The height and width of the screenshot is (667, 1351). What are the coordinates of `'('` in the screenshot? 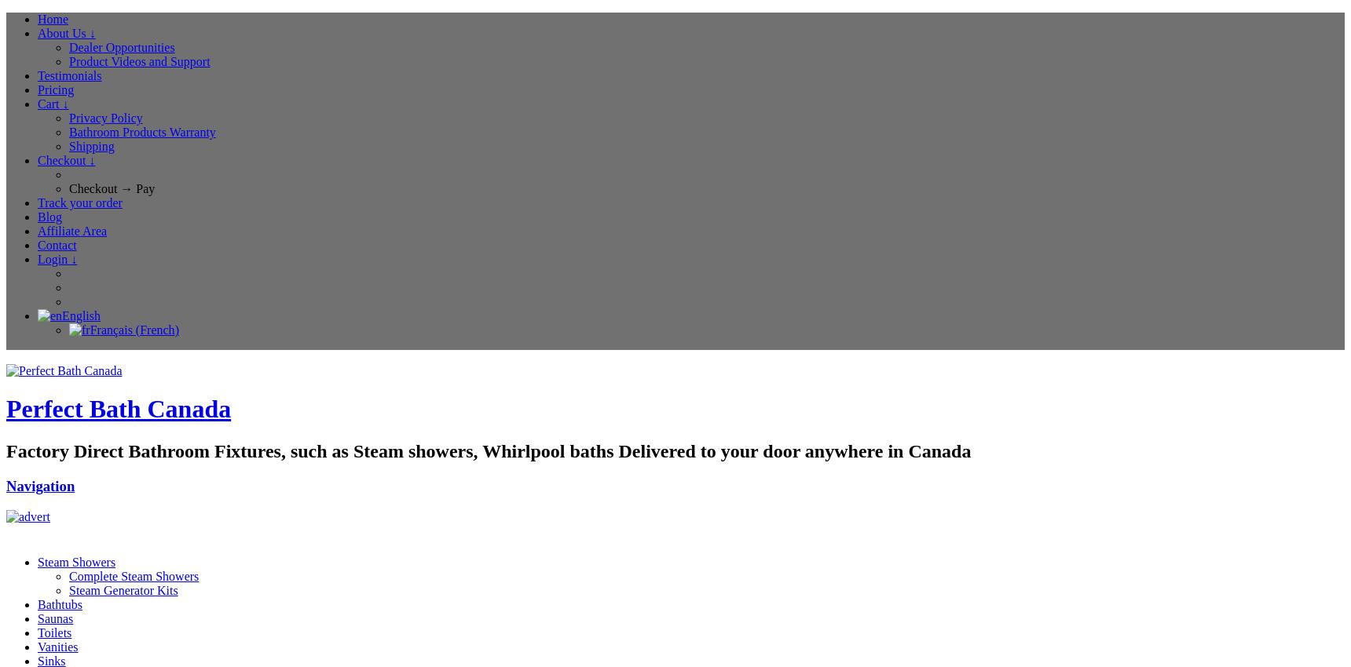 It's located at (136, 330).